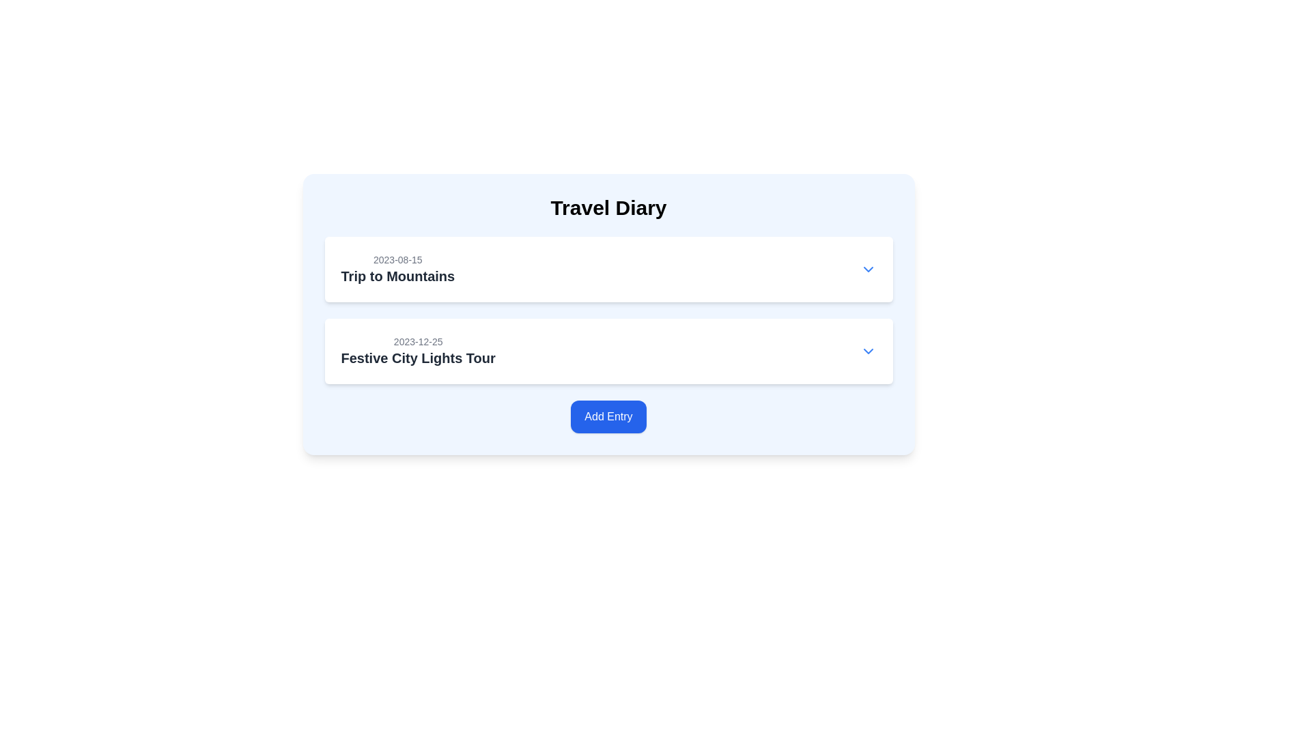 This screenshot has height=737, width=1311. I want to click on the 'Add Entry' button, which is styled with a blue background and white text, to trigger its color change effect, so click(608, 416).